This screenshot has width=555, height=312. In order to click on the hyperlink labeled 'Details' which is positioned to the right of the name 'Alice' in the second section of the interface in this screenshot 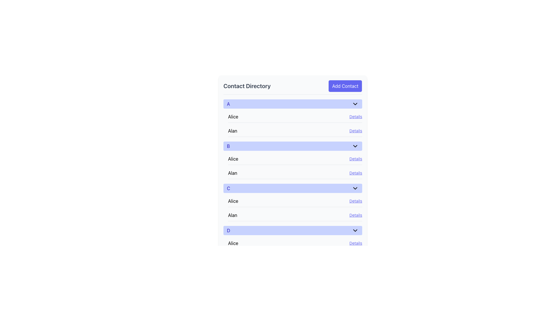, I will do `click(355, 159)`.